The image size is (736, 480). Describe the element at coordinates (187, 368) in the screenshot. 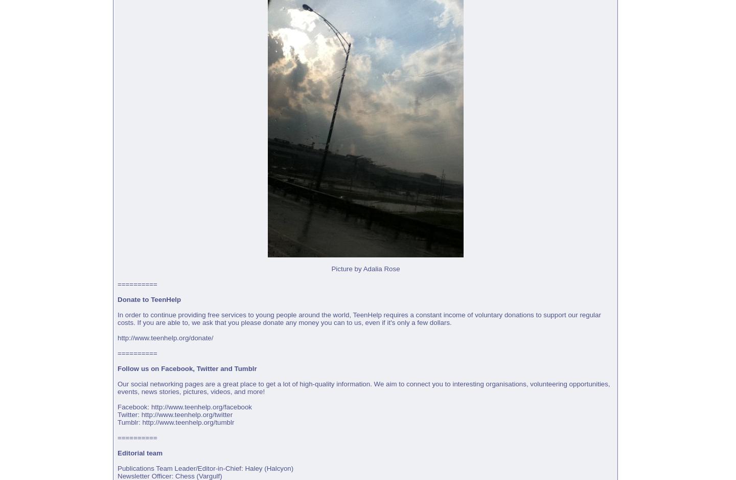

I see `'Follow us on Facebook, Twitter and Tumblr'` at that location.